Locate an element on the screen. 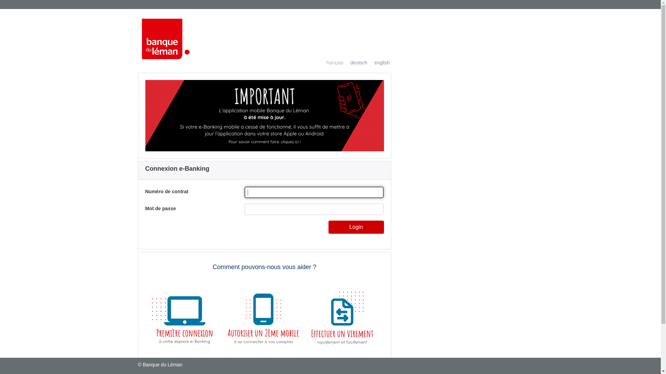  'english' is located at coordinates (378, 63).